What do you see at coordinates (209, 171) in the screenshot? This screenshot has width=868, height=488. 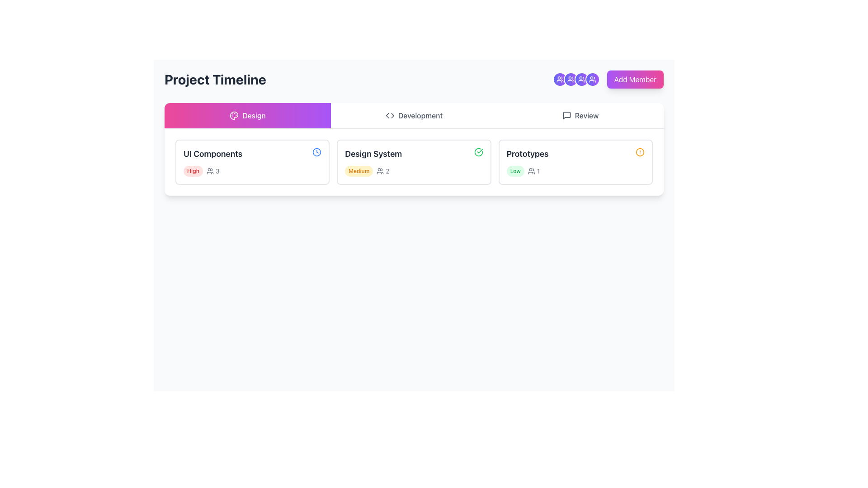 I see `the user-related information icon located within the 'UI Components' card, positioned to the right of the 'High' label and before the numerical value '3'` at bounding box center [209, 171].